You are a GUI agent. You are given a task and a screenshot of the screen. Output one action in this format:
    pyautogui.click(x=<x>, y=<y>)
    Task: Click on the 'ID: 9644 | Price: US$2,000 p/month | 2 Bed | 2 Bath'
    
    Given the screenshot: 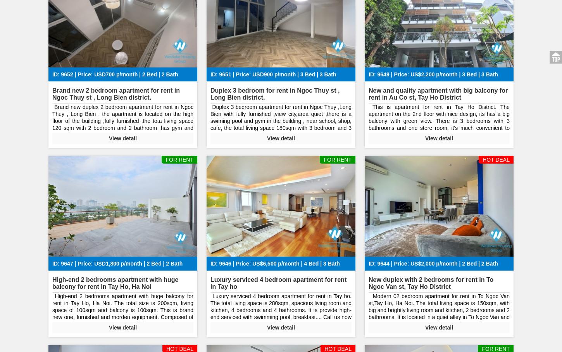 What is the action you would take?
    pyautogui.click(x=433, y=263)
    